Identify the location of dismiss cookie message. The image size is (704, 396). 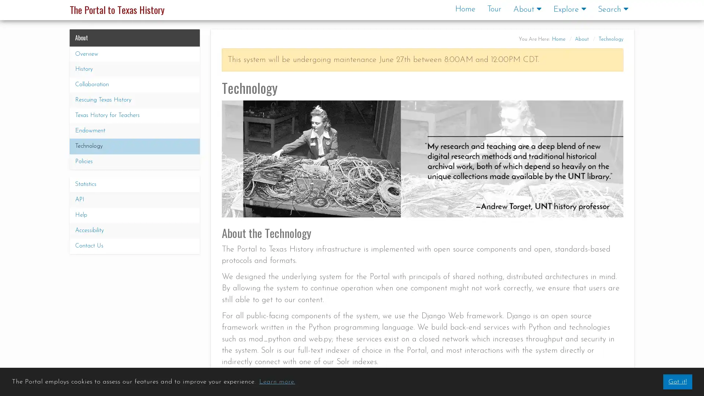
(677, 381).